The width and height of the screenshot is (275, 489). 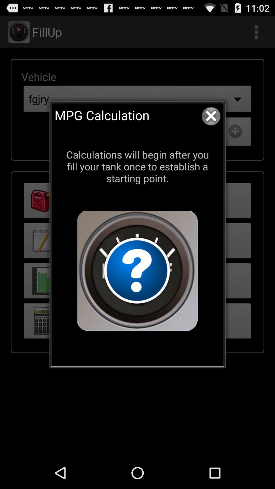 I want to click on the icon above the calculations will begin, so click(x=211, y=116).